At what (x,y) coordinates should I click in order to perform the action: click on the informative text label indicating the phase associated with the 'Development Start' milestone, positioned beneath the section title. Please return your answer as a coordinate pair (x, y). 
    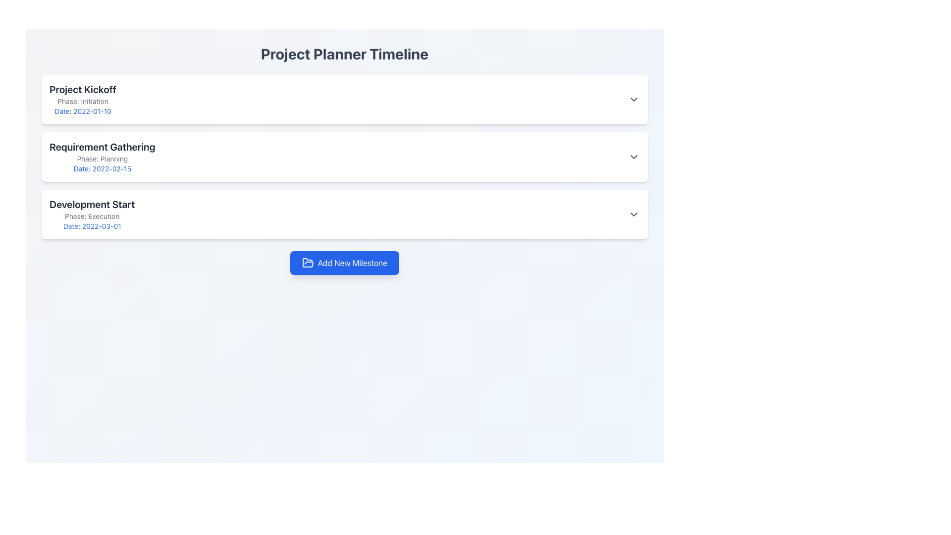
    Looking at the image, I should click on (92, 215).